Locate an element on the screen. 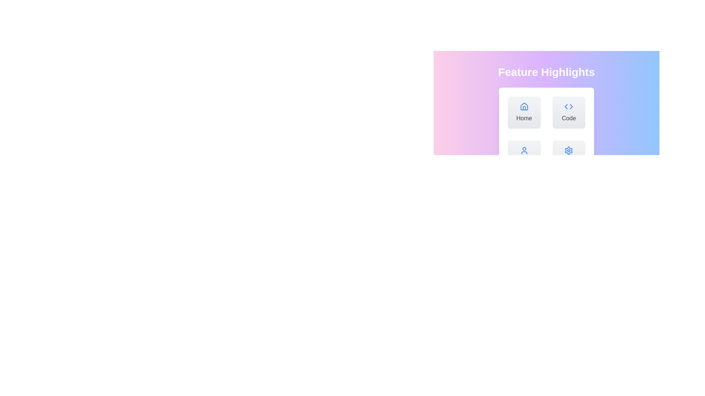 The height and width of the screenshot is (396, 705). the user profile icon located within the rounded card labeled 'Profile' at the bottom left of the grid is located at coordinates (524, 150).